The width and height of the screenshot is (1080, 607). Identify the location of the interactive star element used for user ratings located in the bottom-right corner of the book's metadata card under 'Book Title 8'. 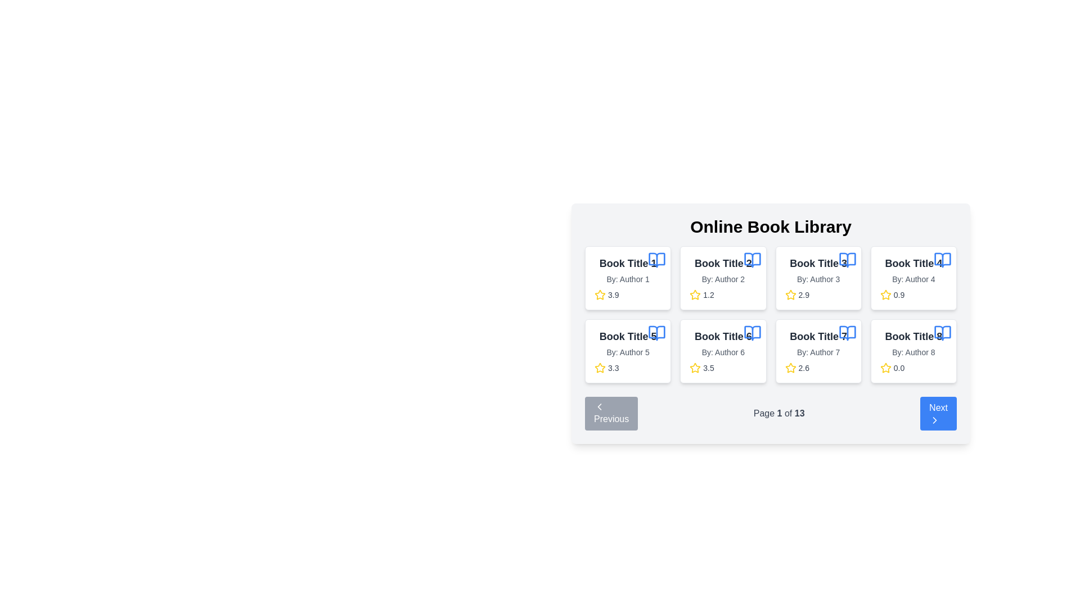
(885, 368).